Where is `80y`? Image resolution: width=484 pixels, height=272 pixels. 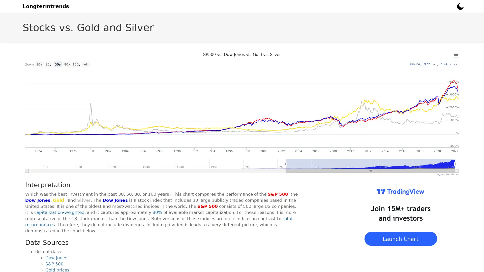
80y is located at coordinates (67, 64).